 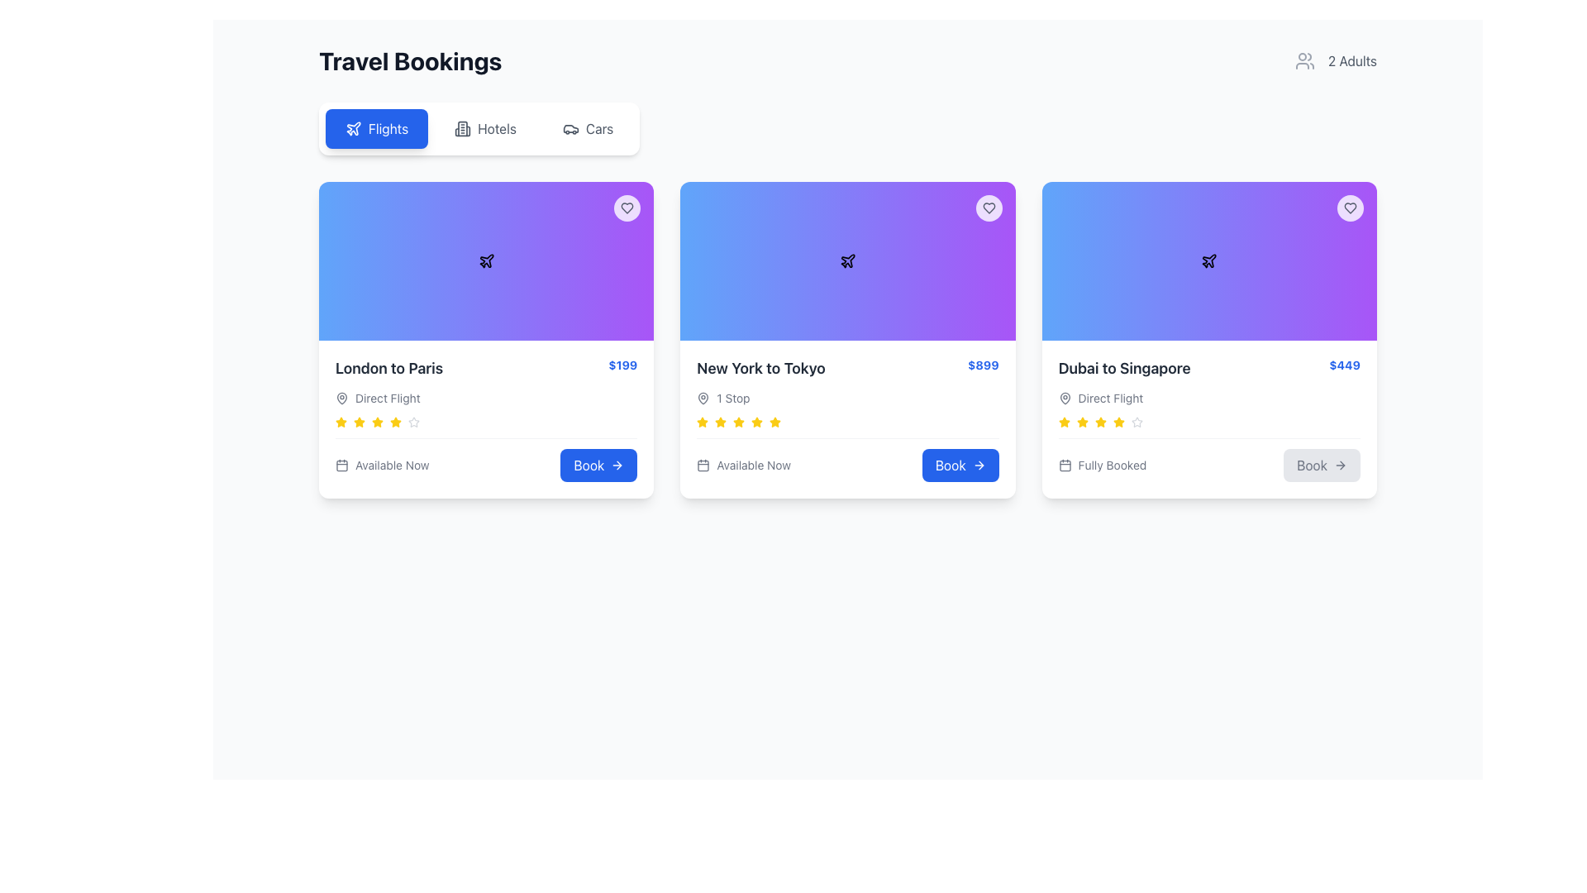 What do you see at coordinates (721, 421) in the screenshot?
I see `assistive technologies` at bounding box center [721, 421].